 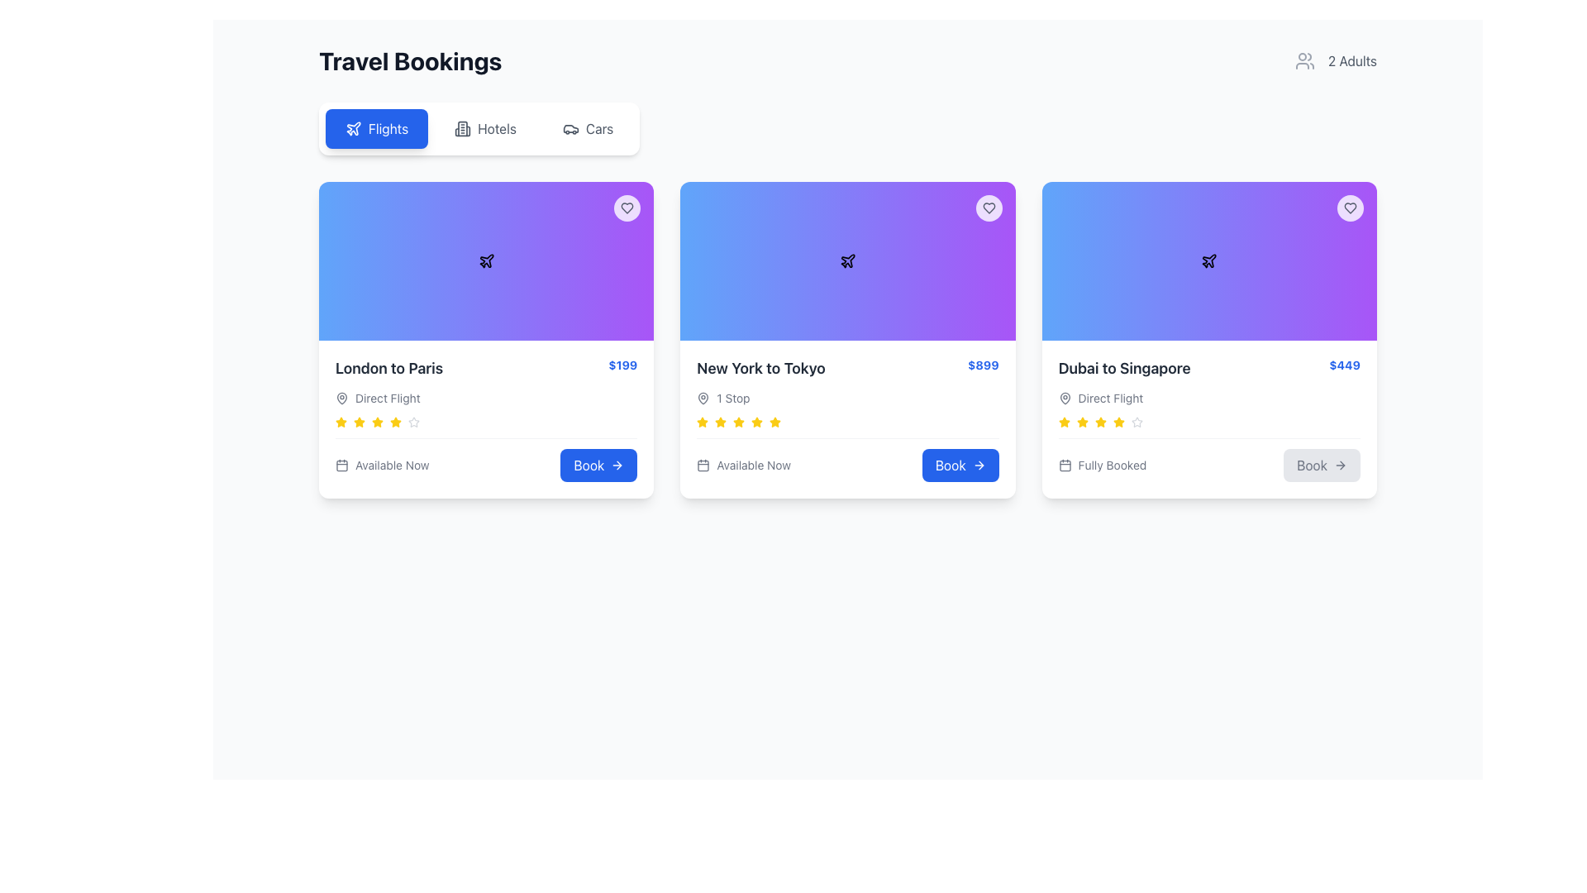 What do you see at coordinates (721, 421) in the screenshot?
I see `assistive technologies` at bounding box center [721, 421].